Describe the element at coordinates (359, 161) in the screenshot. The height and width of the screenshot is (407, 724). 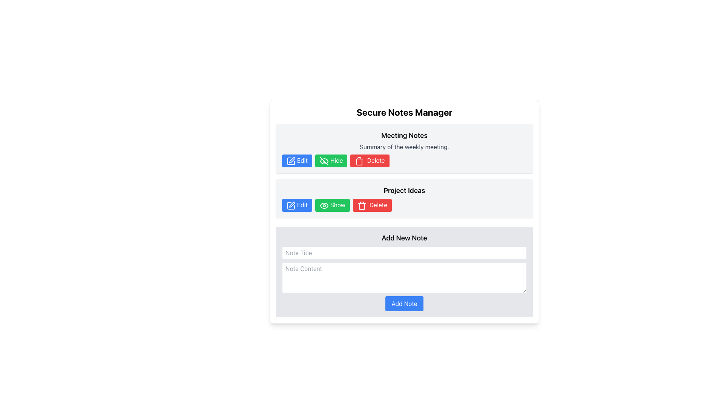
I see `the 'Delete' button that contains the red trash can icon, which is part of the control options for sections like 'Meeting Notes' or 'Project Ideas'` at that location.